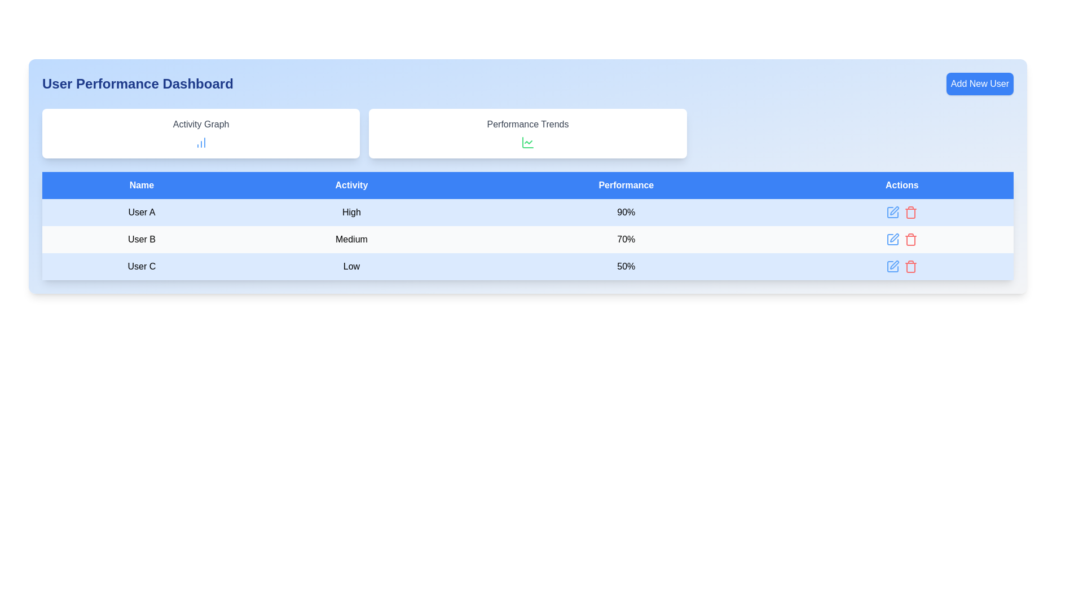 This screenshot has width=1083, height=609. What do you see at coordinates (527, 124) in the screenshot?
I see `the 'Performance Trends' label, which is a medium-weight gray text aligned horizontally within a rounded white panel at the top-right area of the interface` at bounding box center [527, 124].